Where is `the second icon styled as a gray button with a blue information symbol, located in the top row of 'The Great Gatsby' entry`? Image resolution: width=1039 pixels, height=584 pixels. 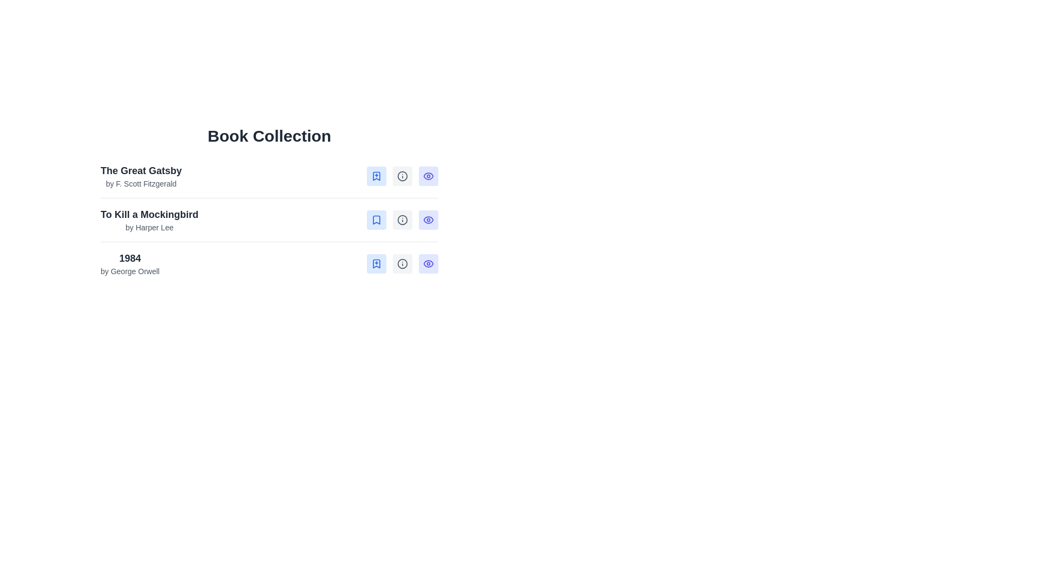
the second icon styled as a gray button with a blue information symbol, located in the top row of 'The Great Gatsby' entry is located at coordinates (402, 176).